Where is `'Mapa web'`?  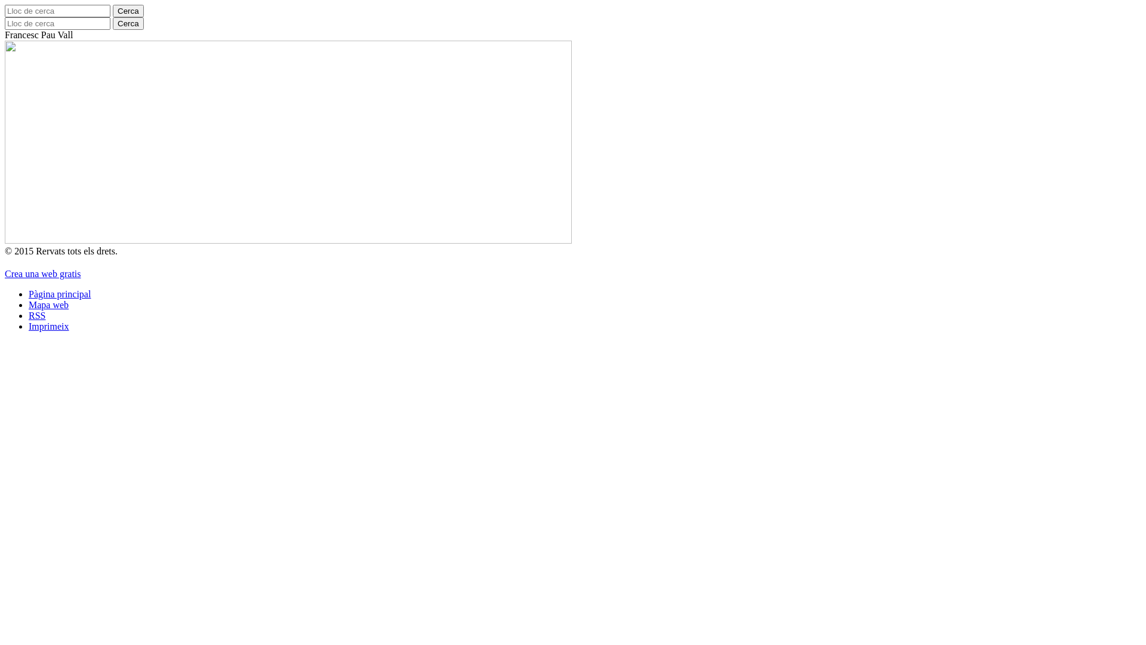 'Mapa web' is located at coordinates (29, 304).